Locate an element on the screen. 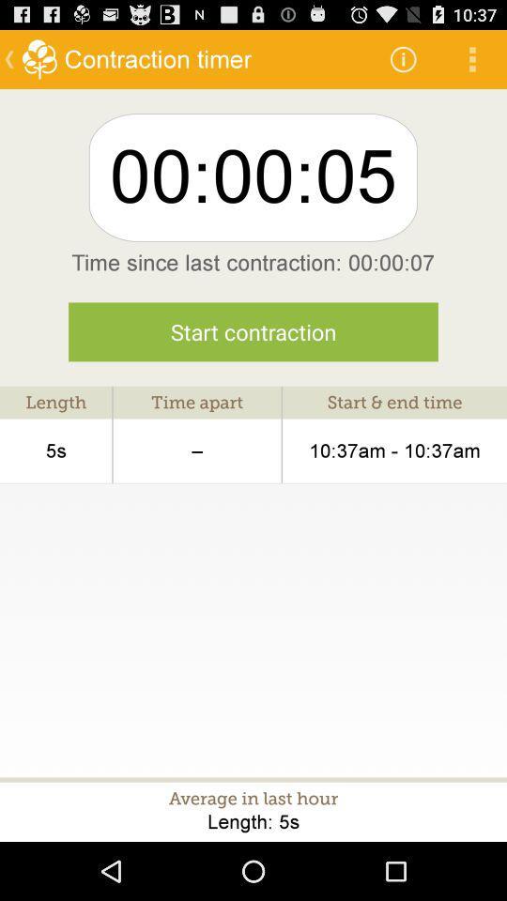 This screenshot has width=507, height=901. the icon above time since last item is located at coordinates (471, 58).